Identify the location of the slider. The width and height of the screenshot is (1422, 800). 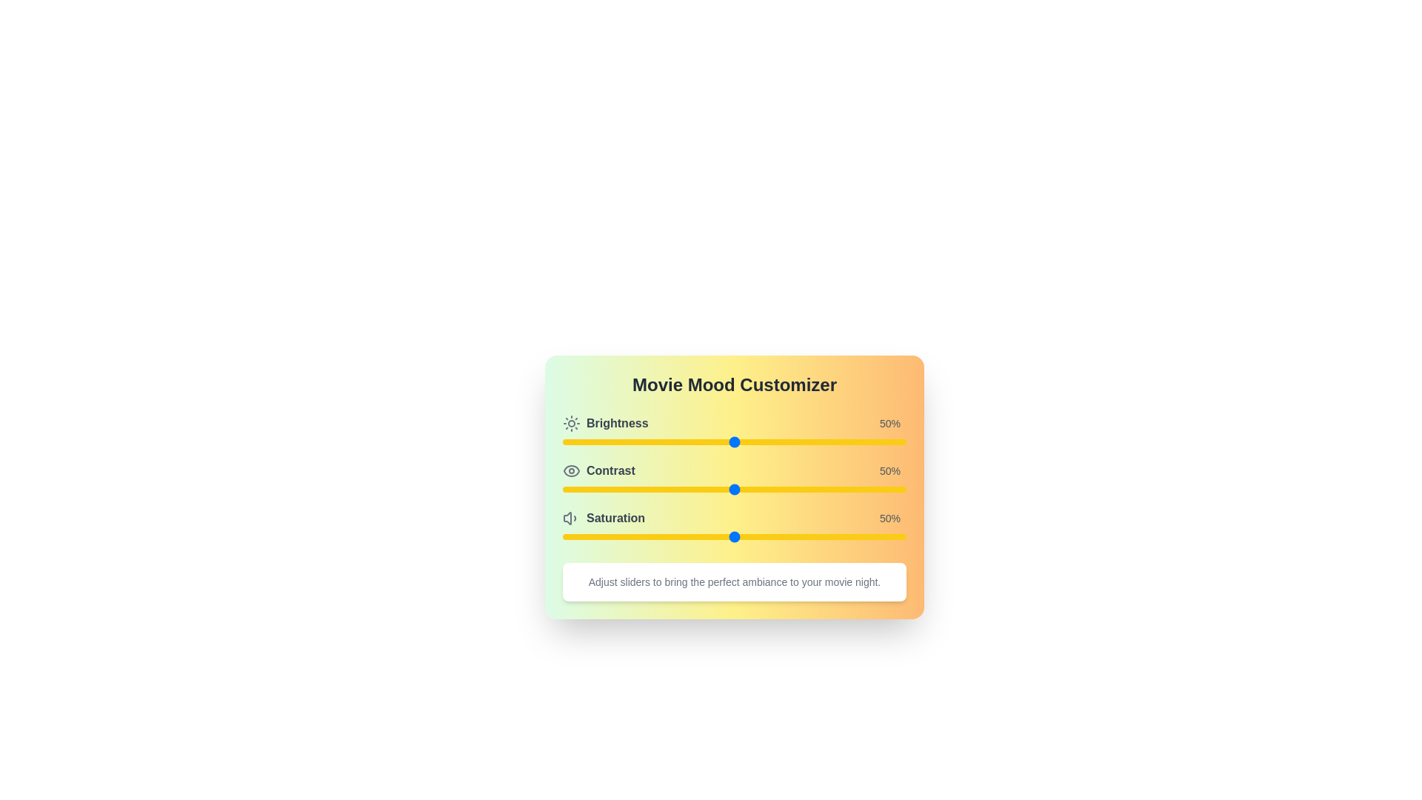
(658, 537).